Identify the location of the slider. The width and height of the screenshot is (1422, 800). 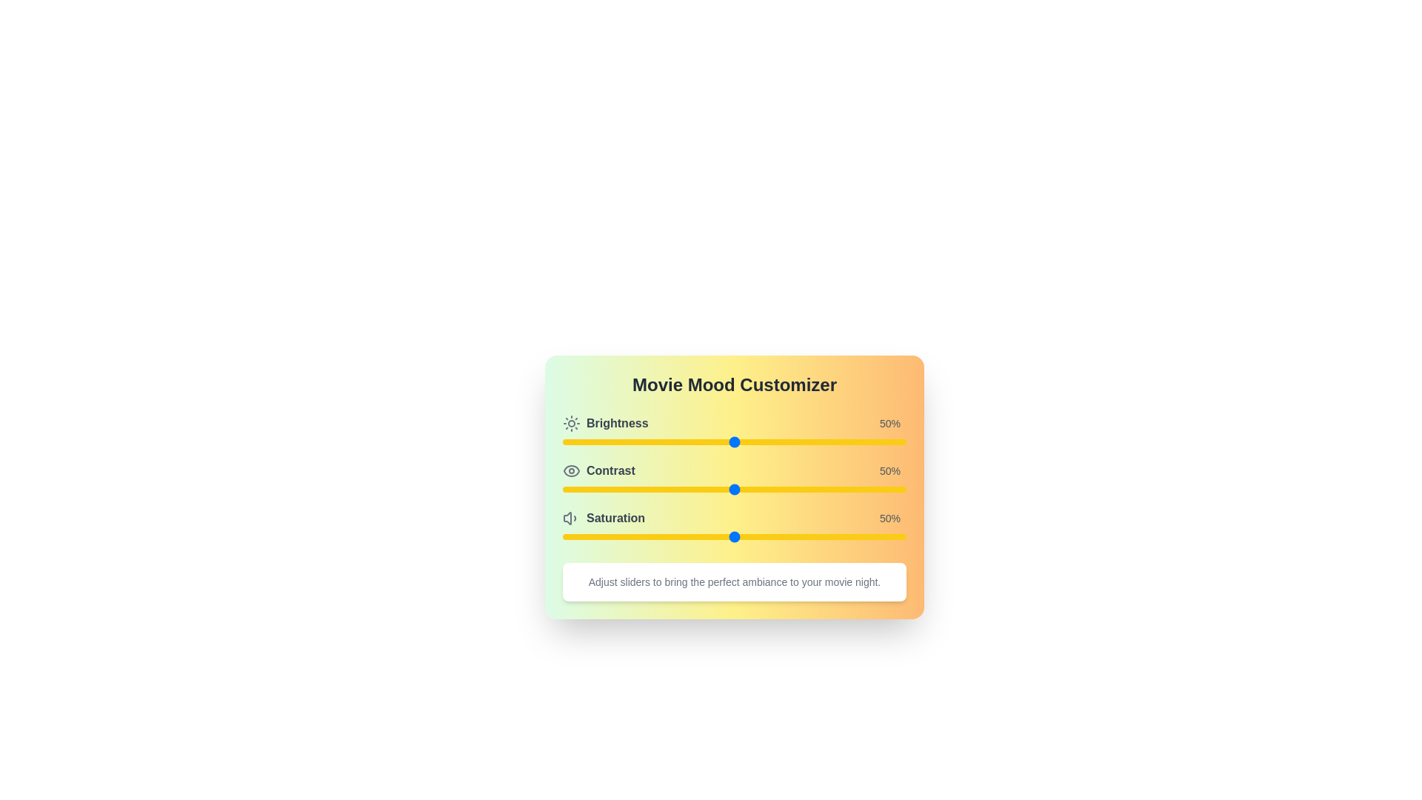
(658, 537).